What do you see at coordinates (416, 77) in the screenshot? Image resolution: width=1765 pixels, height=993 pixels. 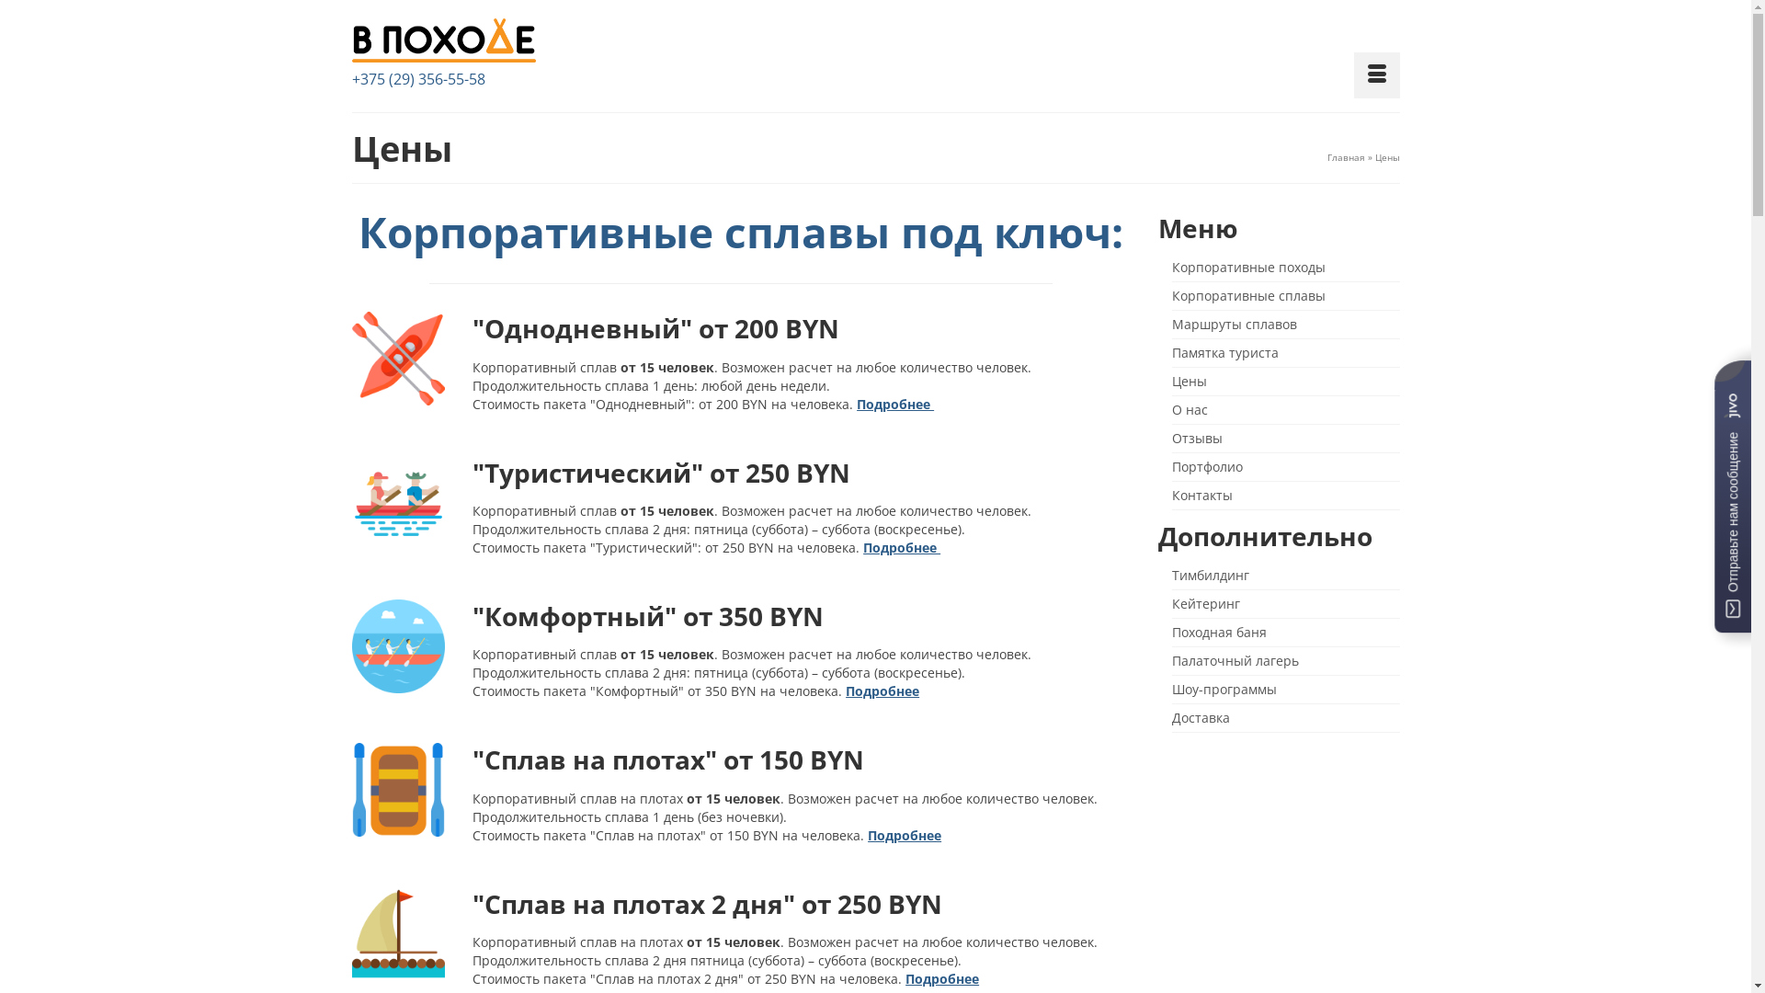 I see `'+375 (29) 356-55-58'` at bounding box center [416, 77].